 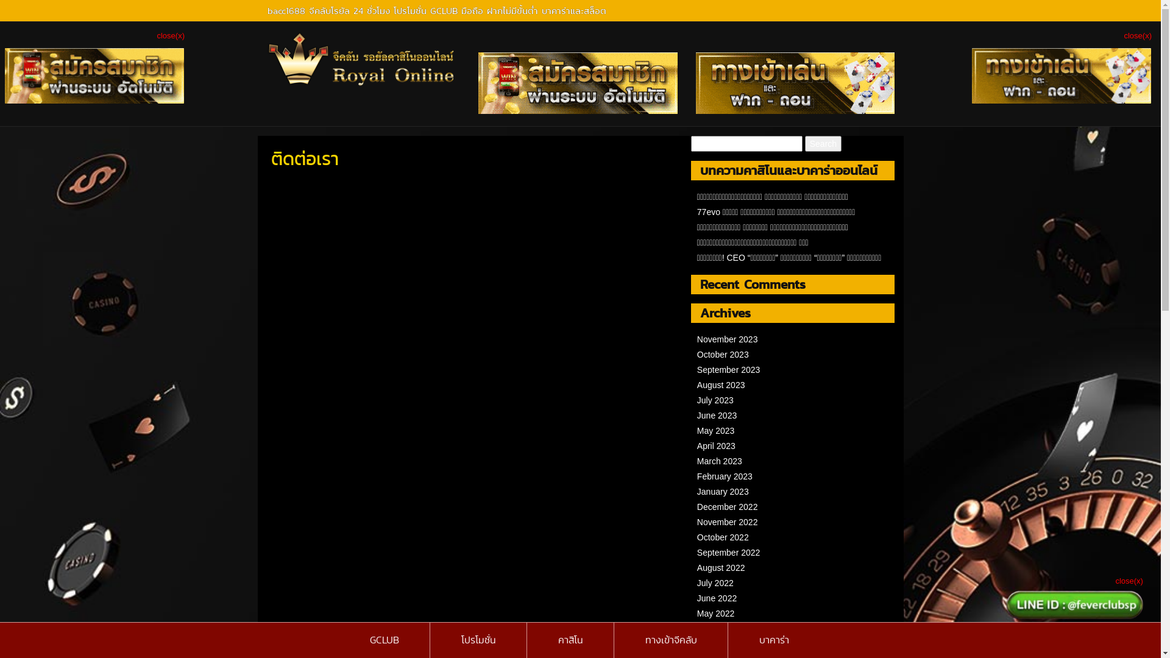 What do you see at coordinates (697, 598) in the screenshot?
I see `'June 2022'` at bounding box center [697, 598].